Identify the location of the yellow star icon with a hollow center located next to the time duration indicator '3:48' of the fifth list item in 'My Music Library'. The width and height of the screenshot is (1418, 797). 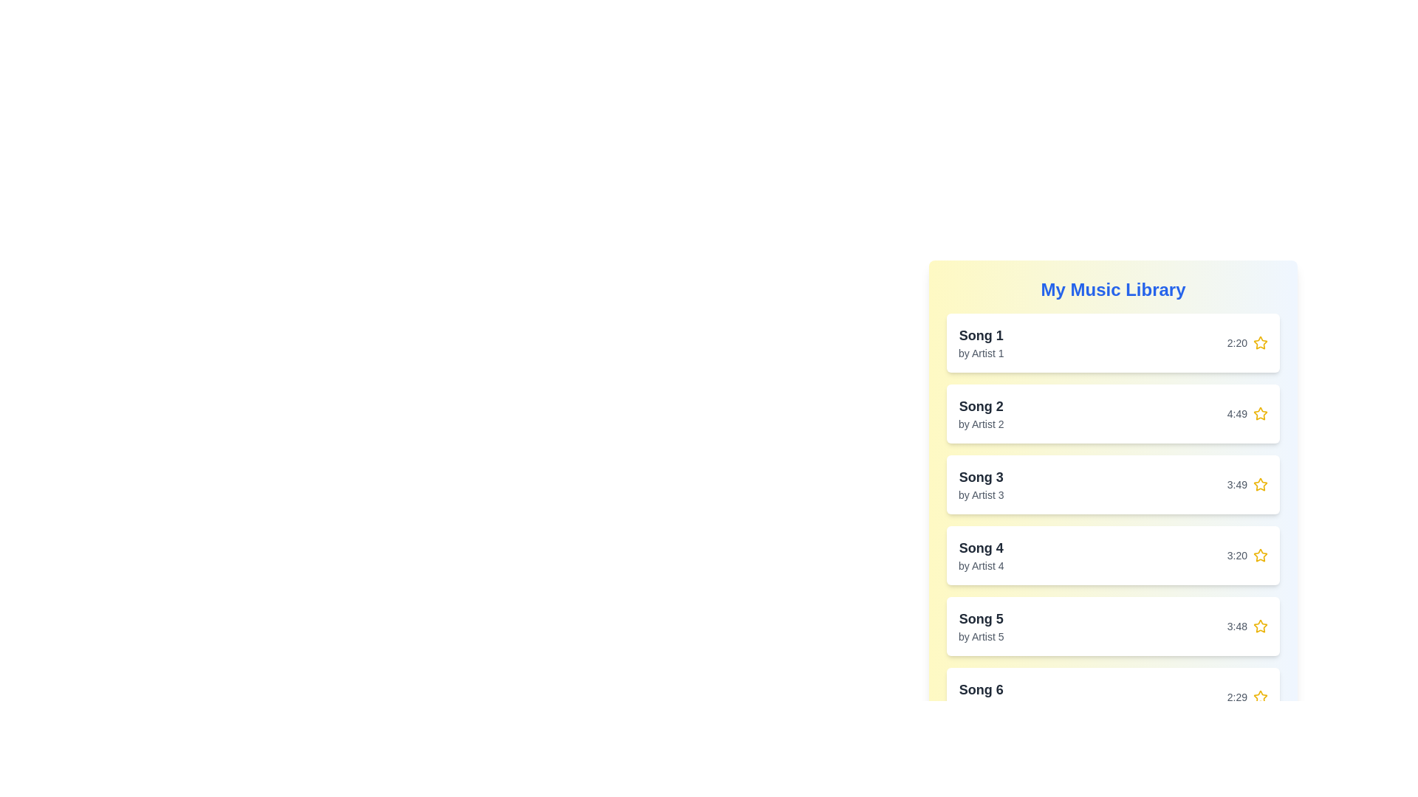
(1258, 626).